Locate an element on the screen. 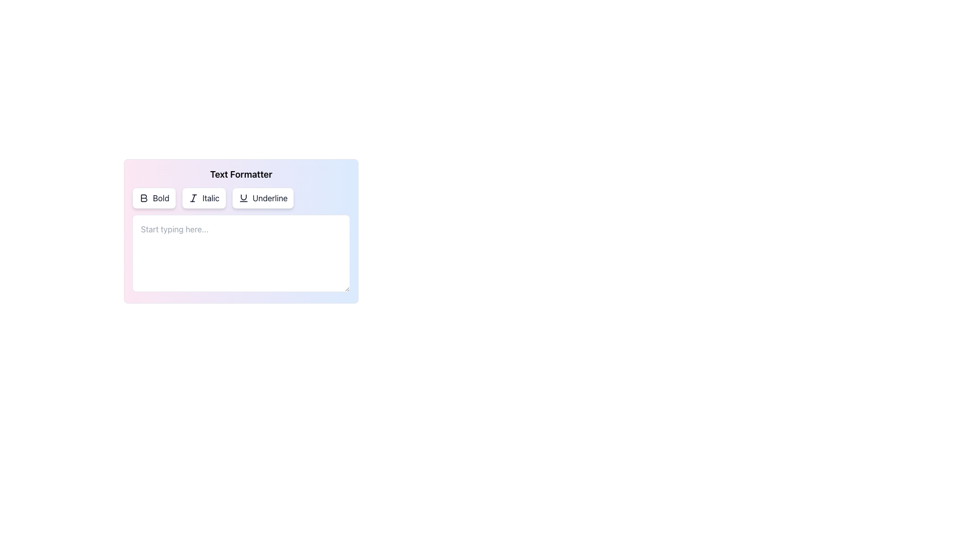 The height and width of the screenshot is (542, 963). the bold text format icon, which is represented by a stylized letter 'B' and is located within the button labeled 'Bold' on the leftmost side of the formatting options is located at coordinates (143, 198).